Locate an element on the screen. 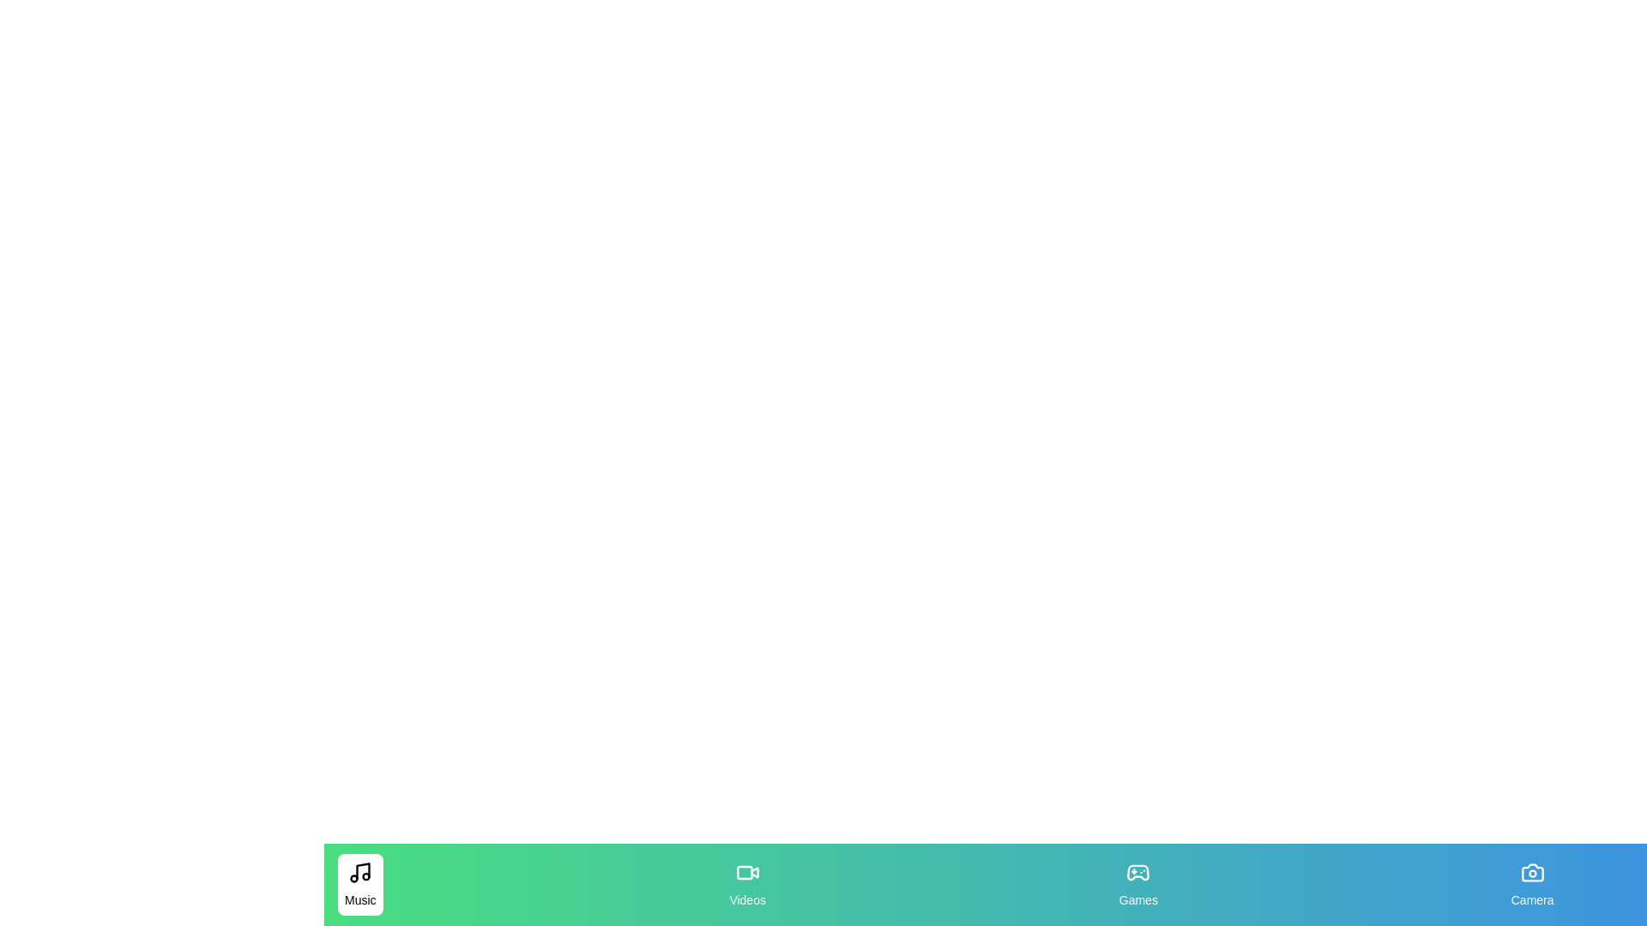 This screenshot has height=926, width=1647. the Camera tab by clicking on it is located at coordinates (1531, 885).